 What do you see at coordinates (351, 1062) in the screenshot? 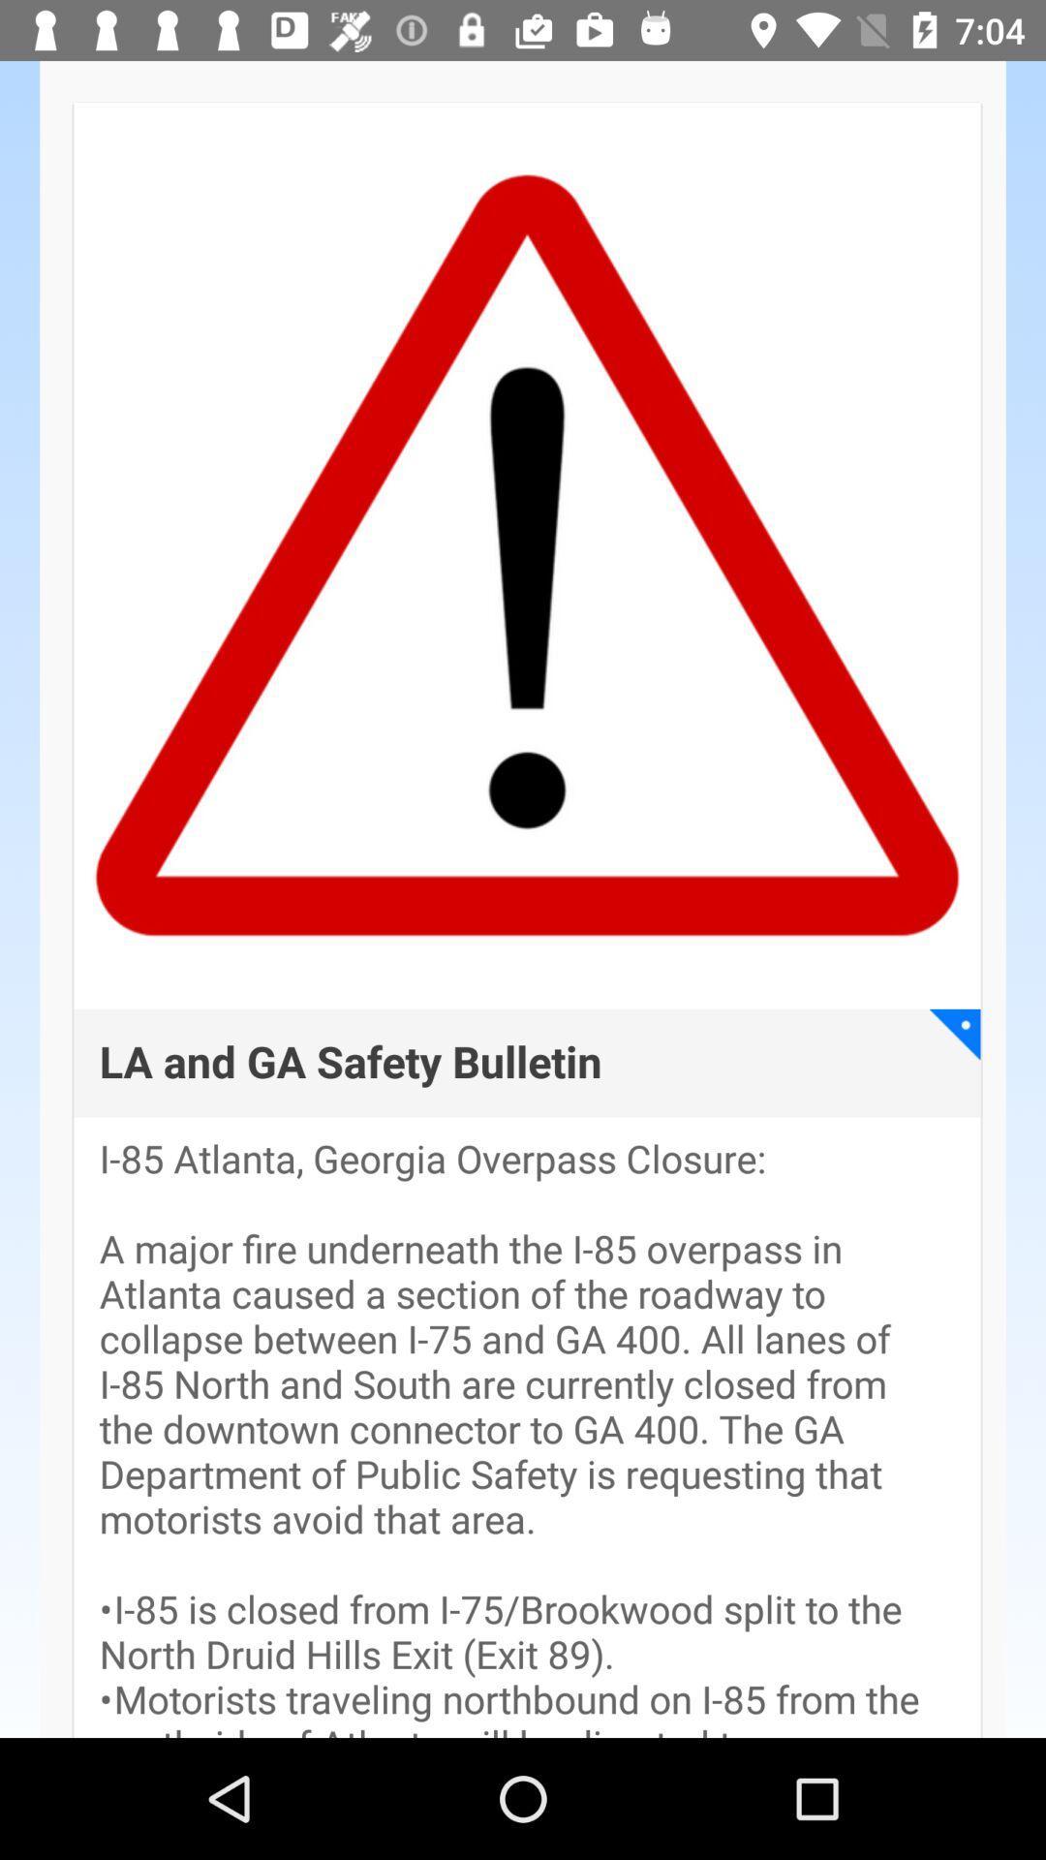
I see `the icon at the center` at bounding box center [351, 1062].